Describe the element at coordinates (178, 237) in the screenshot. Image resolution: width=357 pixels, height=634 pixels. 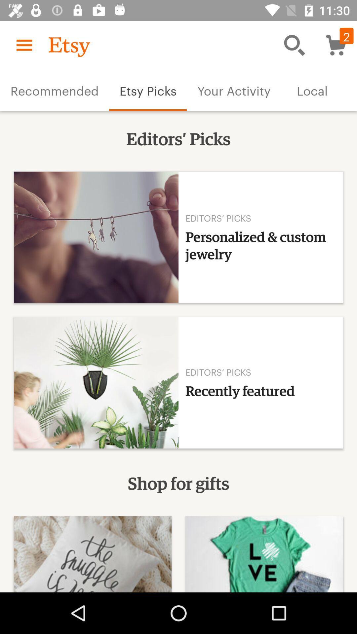
I see `the item below the text editors picks on the web page` at that location.